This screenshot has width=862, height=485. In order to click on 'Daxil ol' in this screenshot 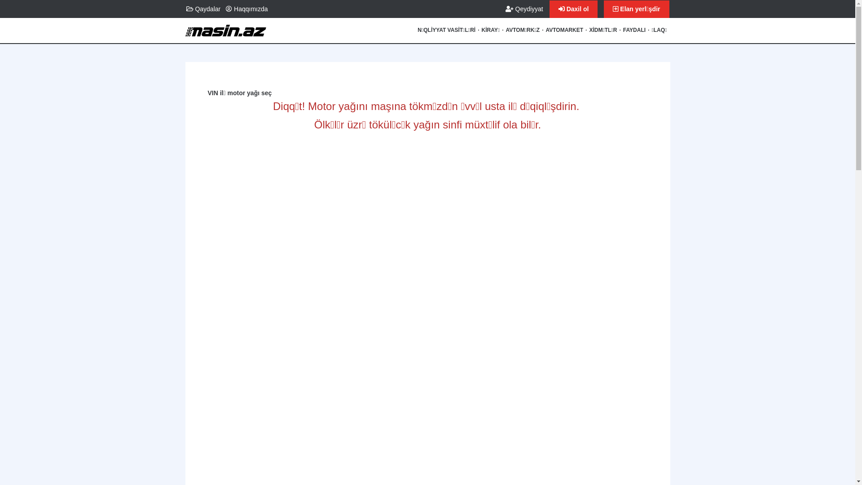, I will do `click(549, 9)`.